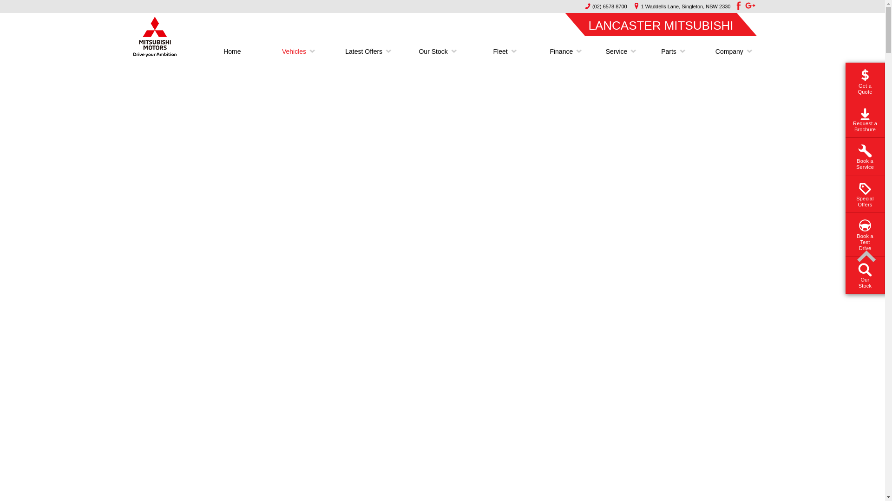 The height and width of the screenshot is (501, 892). What do you see at coordinates (737, 5) in the screenshot?
I see `'facebook'` at bounding box center [737, 5].